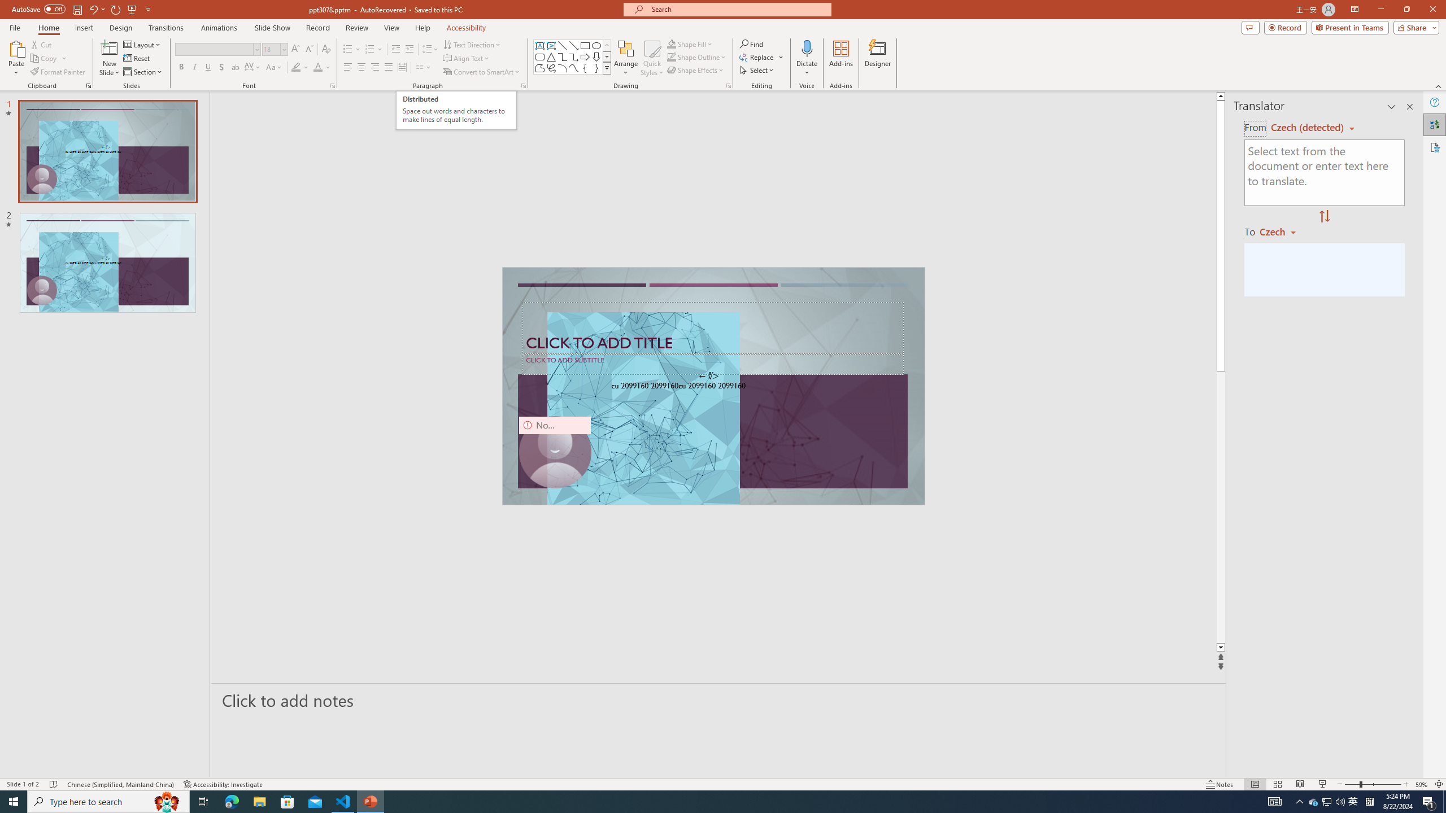 The image size is (1446, 813). What do you see at coordinates (672, 56) in the screenshot?
I see `'Shape Outline Green, Accent 1'` at bounding box center [672, 56].